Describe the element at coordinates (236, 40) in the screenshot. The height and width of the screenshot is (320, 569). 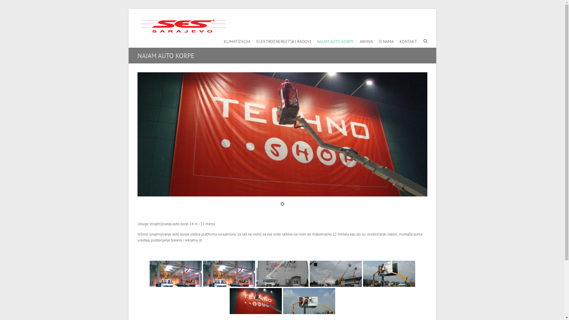
I see `'KLIMATIZACIJA'` at that location.